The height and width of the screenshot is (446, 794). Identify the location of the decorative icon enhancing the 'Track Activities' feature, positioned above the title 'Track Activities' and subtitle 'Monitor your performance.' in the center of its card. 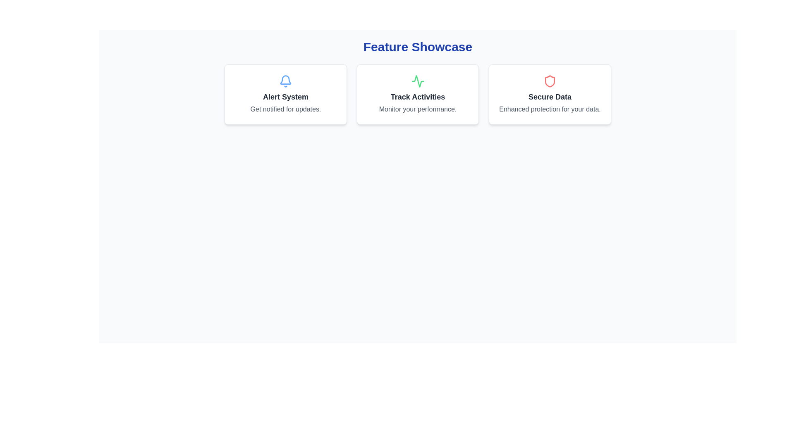
(418, 81).